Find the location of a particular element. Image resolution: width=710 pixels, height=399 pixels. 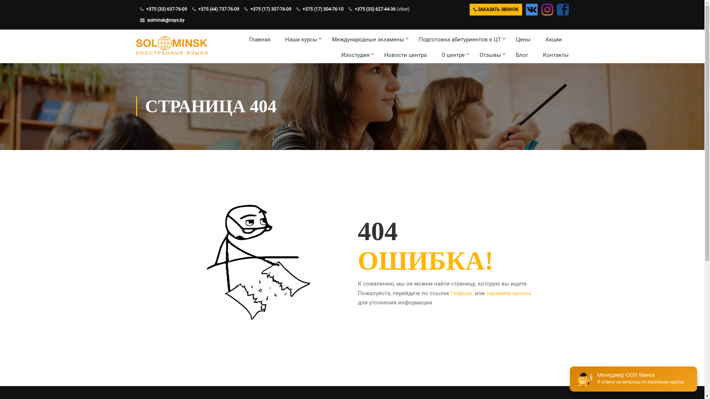

'+375 (17) 307-76-09' is located at coordinates (270, 9).